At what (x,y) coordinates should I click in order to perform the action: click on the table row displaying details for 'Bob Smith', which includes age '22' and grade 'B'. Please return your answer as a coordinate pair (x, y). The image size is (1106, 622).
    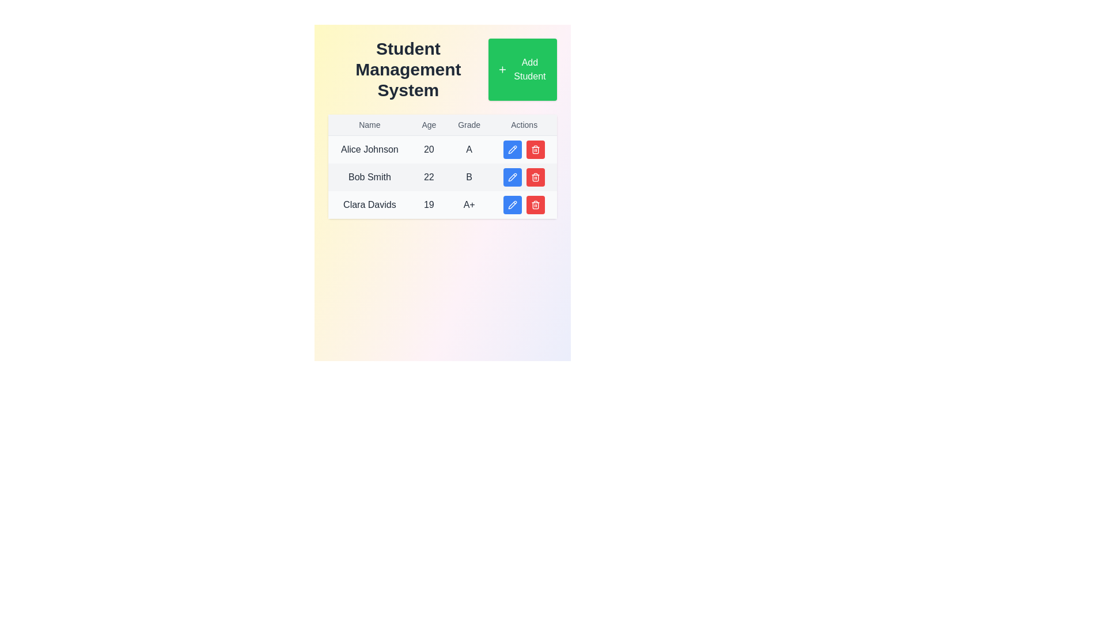
    Looking at the image, I should click on (442, 166).